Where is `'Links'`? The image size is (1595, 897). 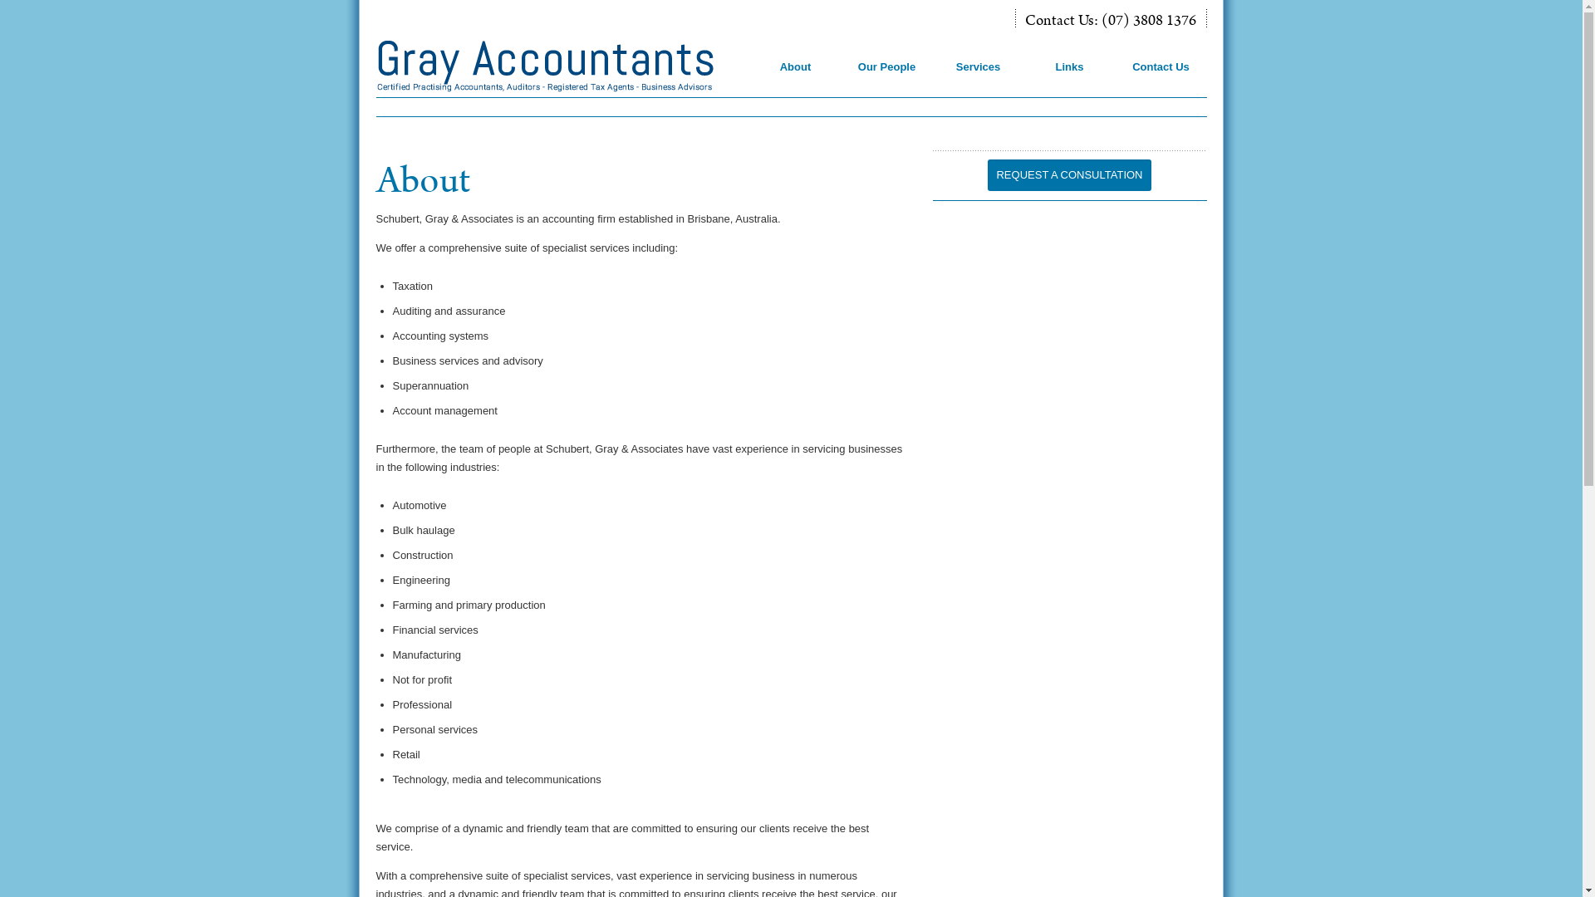
'Links' is located at coordinates (1071, 79).